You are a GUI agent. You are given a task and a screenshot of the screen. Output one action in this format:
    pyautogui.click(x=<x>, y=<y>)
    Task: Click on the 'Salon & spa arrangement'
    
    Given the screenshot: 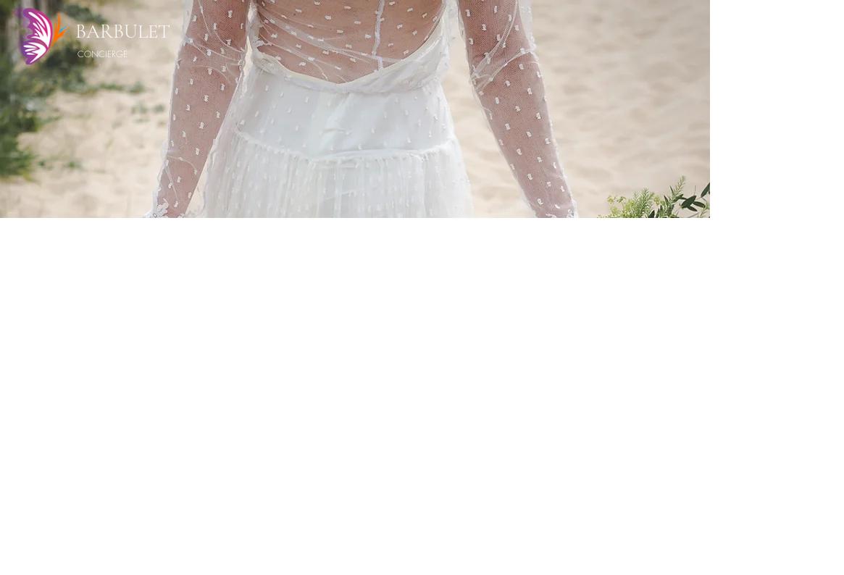 What is the action you would take?
    pyautogui.click(x=467, y=471)
    